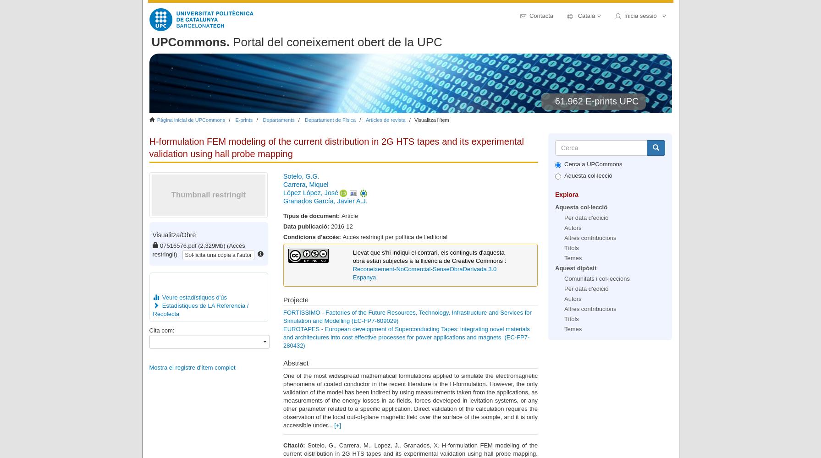 This screenshot has width=821, height=458. Describe the element at coordinates (642, 16) in the screenshot. I see `'Inicia sessió'` at that location.